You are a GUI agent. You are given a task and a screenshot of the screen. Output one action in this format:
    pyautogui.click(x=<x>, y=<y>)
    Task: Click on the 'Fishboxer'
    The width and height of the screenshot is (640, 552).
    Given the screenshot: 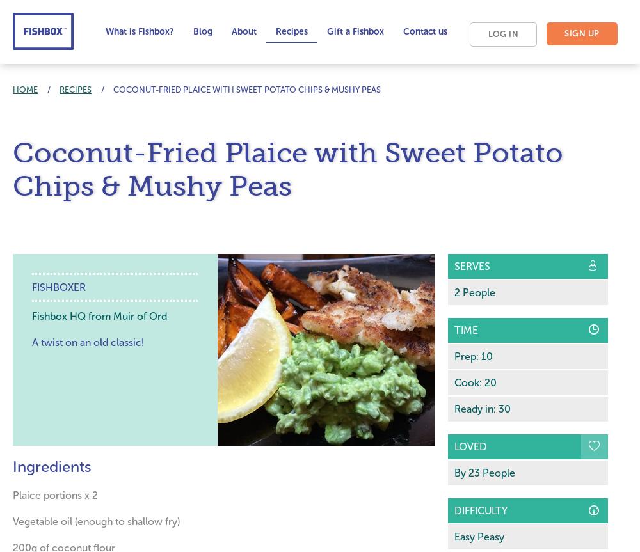 What is the action you would take?
    pyautogui.click(x=58, y=287)
    